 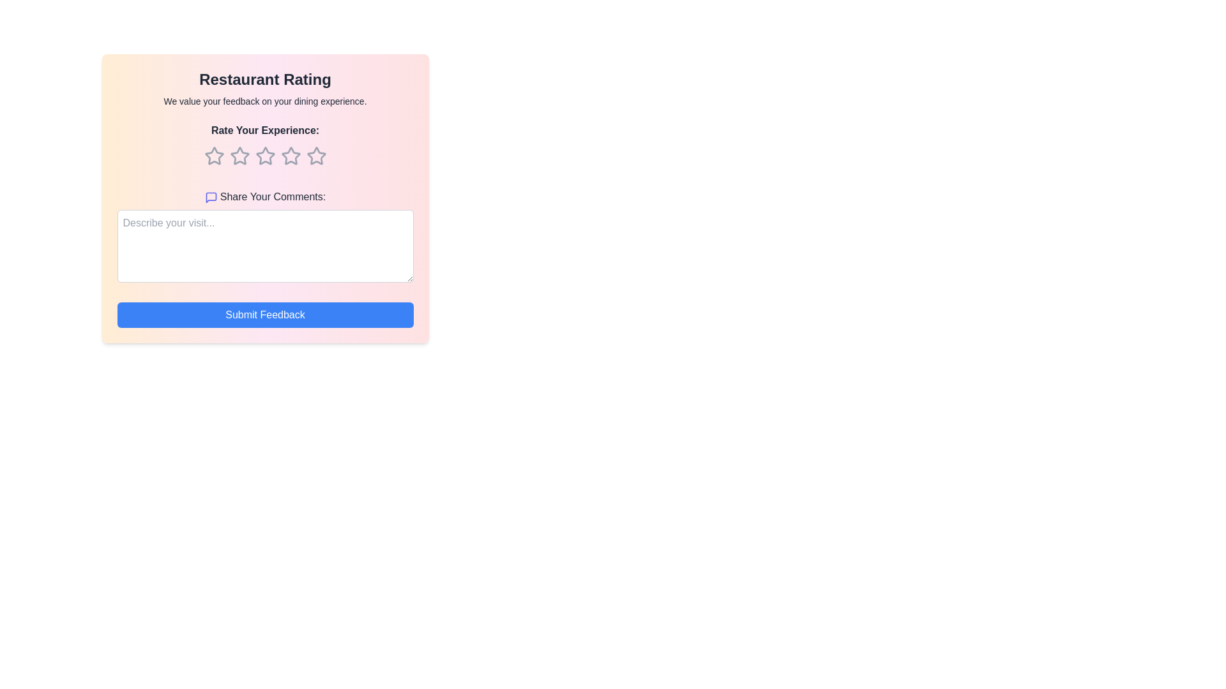 What do you see at coordinates (316, 156) in the screenshot?
I see `the fifth star icon in the rating section` at bounding box center [316, 156].